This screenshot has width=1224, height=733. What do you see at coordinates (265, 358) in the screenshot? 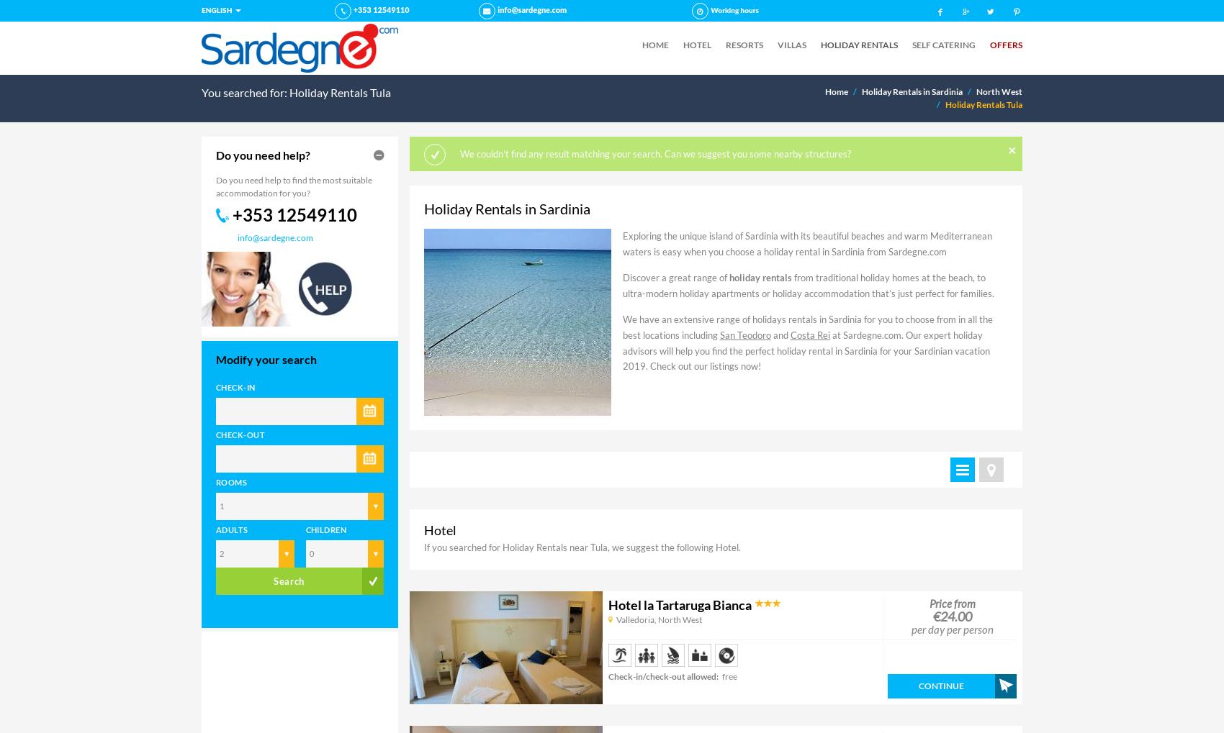
I see `'Modify your search'` at bounding box center [265, 358].